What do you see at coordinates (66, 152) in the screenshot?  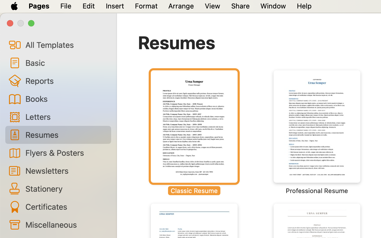 I see `'Flyers & Posters'` at bounding box center [66, 152].